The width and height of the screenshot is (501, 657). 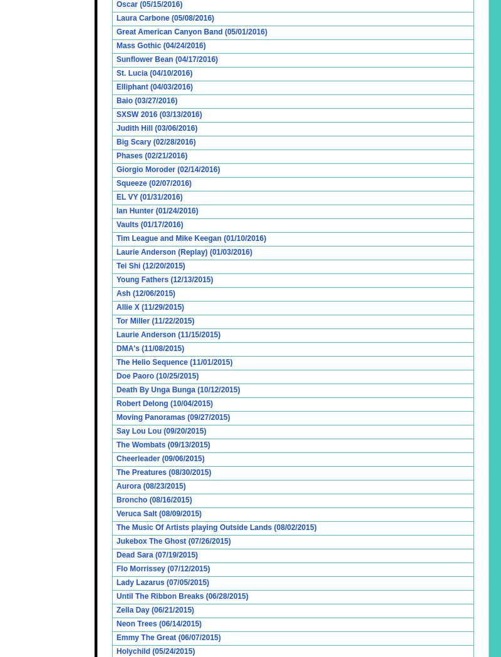 What do you see at coordinates (116, 86) in the screenshot?
I see `'Elliphant (04/03/2016)'` at bounding box center [116, 86].